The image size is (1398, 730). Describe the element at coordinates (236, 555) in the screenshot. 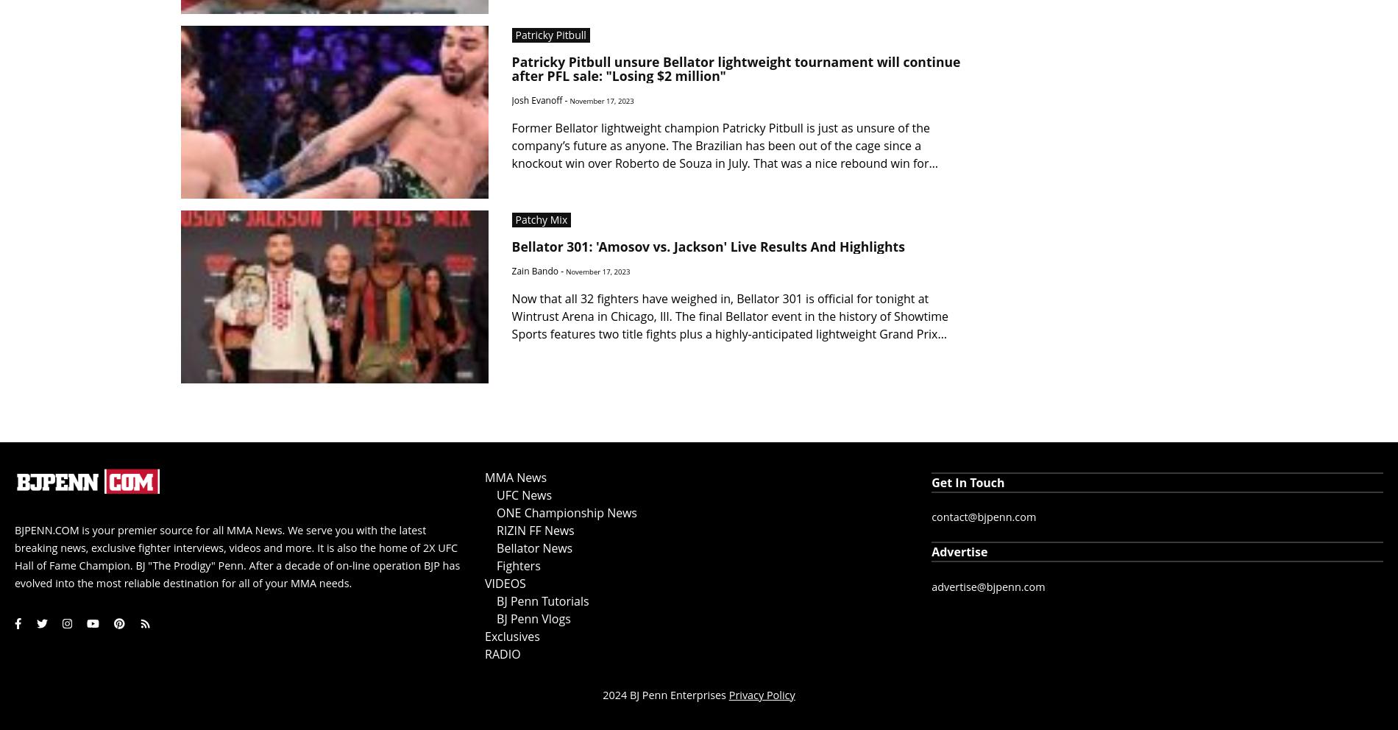

I see `'BJPENN.COM is your premier source for all MMA News. We serve you with the latest breaking news, exclusive fighter interviews, videos and more. It is also the home of 2X UFC Hall of Fame Champion. BJ "The Prodigy" Penn. After a decade of on-line operation BJP has evolved into the most reliable destination for all of your MMA needs.'` at that location.